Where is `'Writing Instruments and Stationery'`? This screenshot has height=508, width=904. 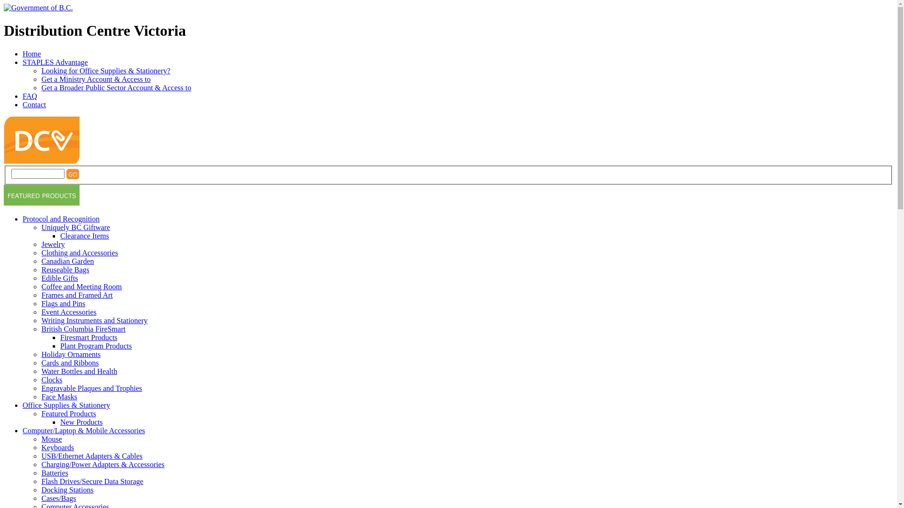
'Writing Instruments and Stationery' is located at coordinates (95, 320).